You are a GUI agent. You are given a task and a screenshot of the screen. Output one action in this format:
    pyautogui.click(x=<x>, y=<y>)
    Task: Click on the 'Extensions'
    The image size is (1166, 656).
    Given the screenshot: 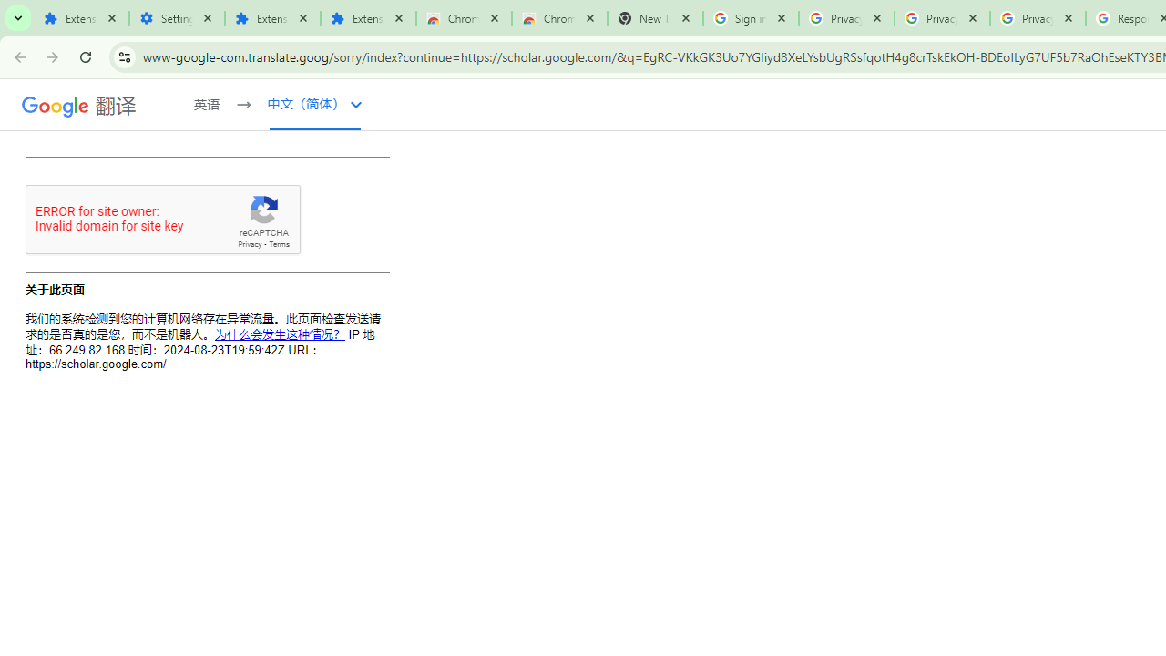 What is the action you would take?
    pyautogui.click(x=271, y=18)
    